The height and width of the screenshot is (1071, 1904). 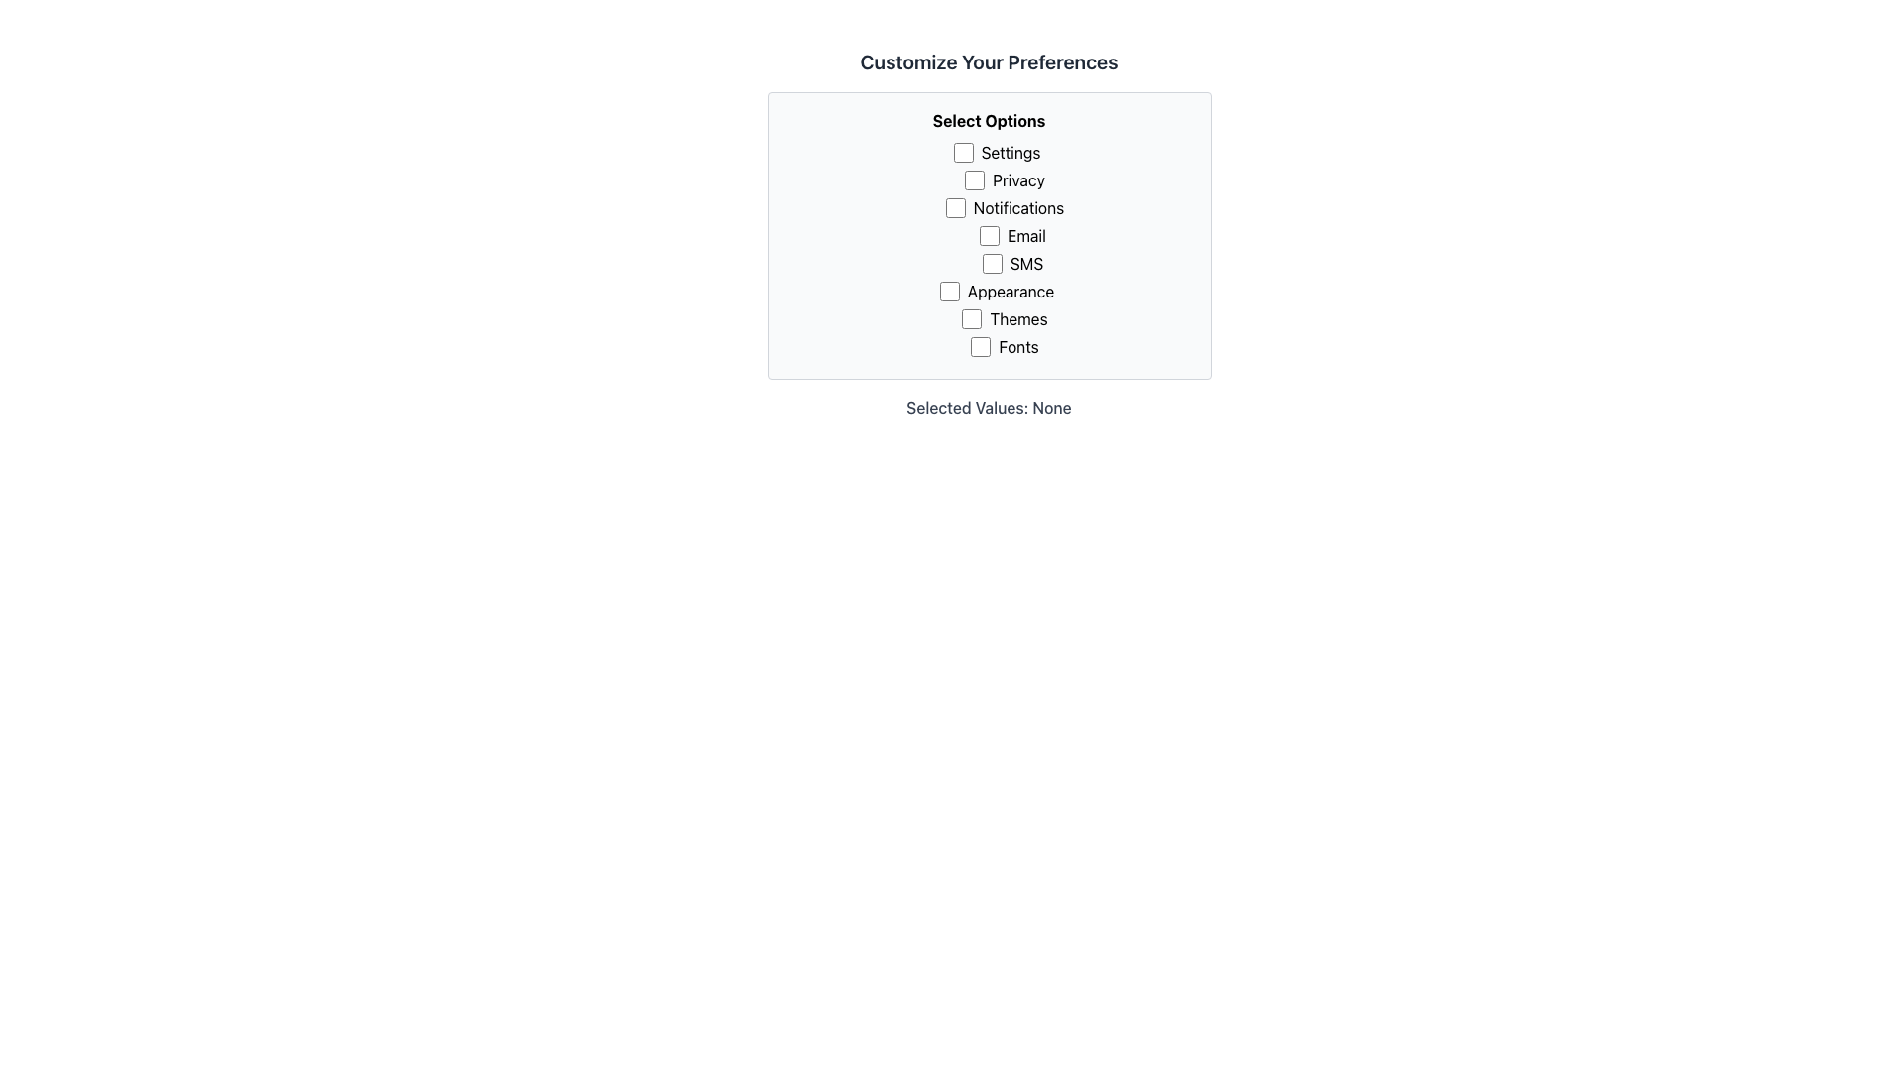 I want to click on the checkbox associated with the 'SMS' notification preference located in the 'Notifications' section, so click(x=1012, y=263).